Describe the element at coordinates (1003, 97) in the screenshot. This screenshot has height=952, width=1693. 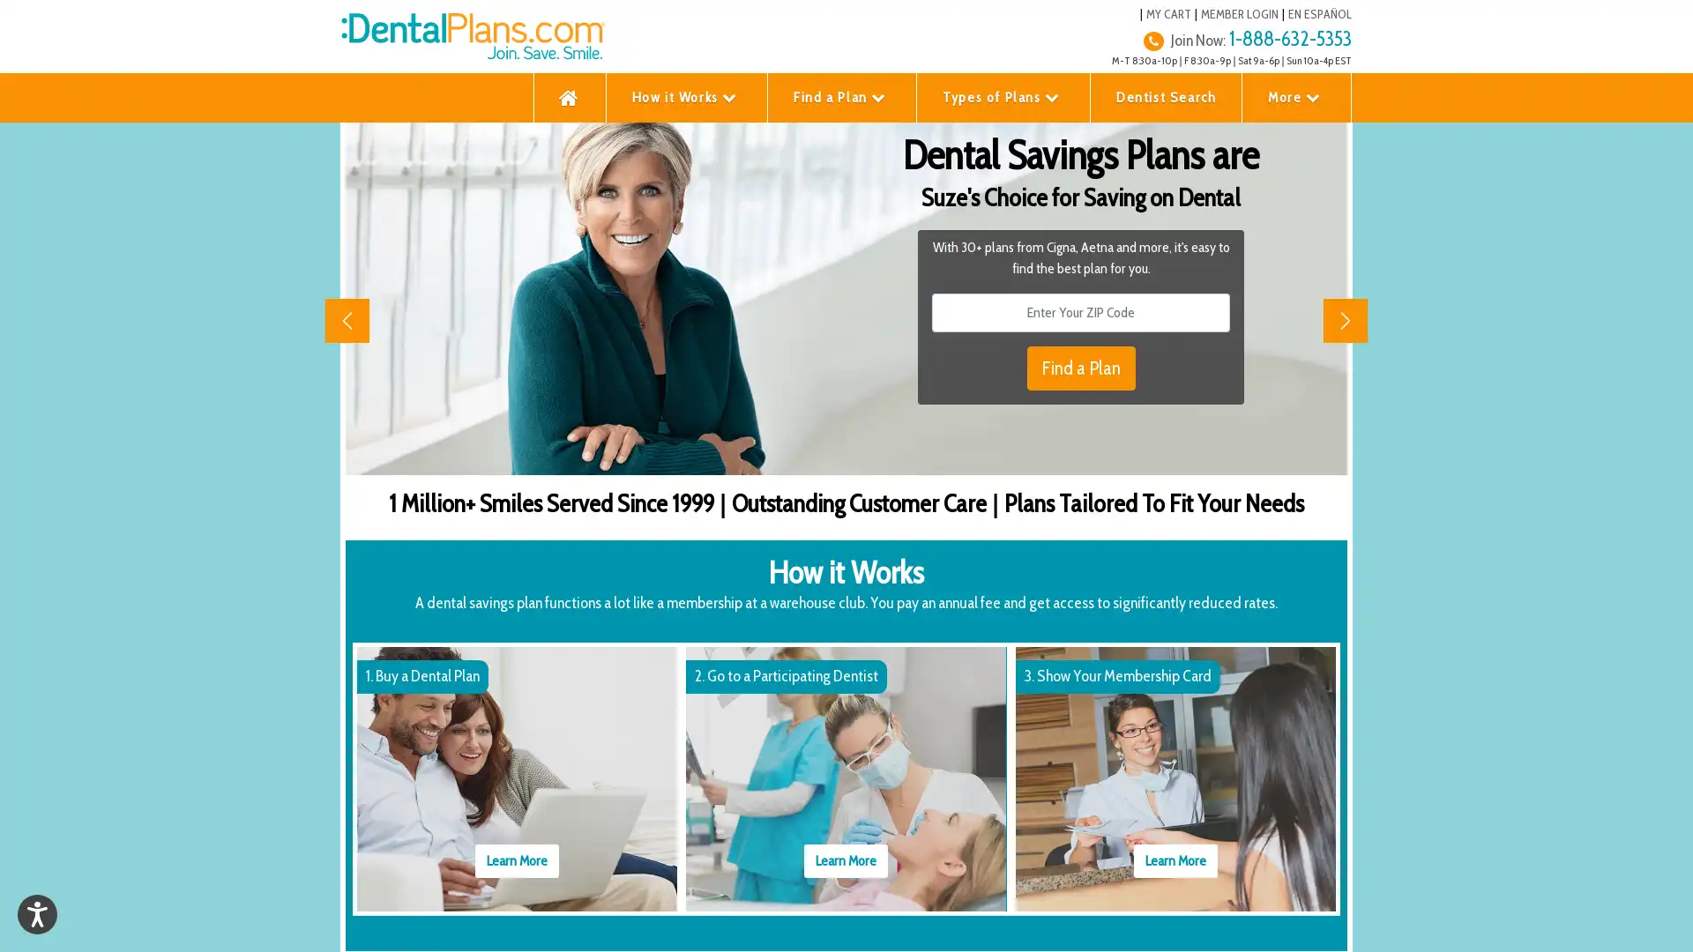
I see `Types of Plans` at that location.